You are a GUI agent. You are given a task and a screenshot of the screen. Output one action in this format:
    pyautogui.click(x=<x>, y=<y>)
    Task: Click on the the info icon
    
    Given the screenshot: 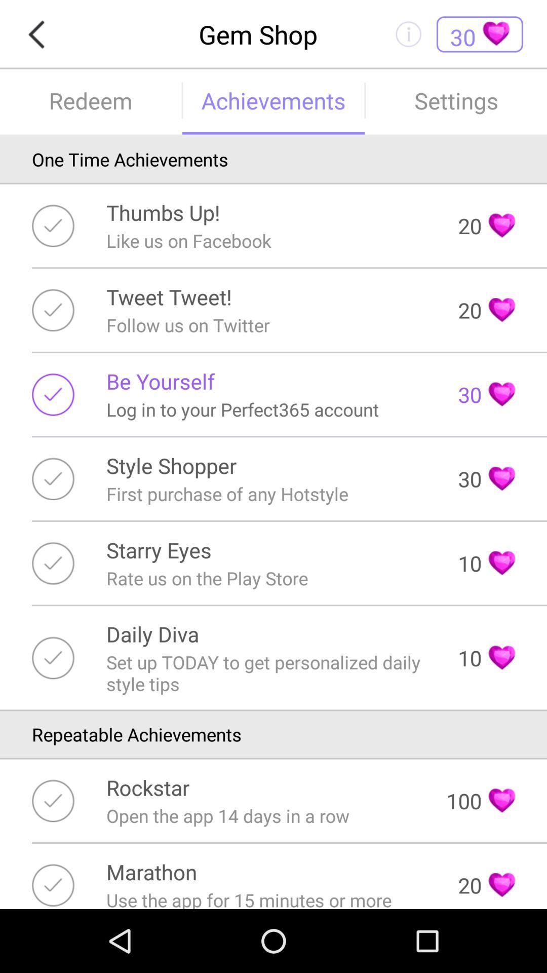 What is the action you would take?
    pyautogui.click(x=408, y=36)
    